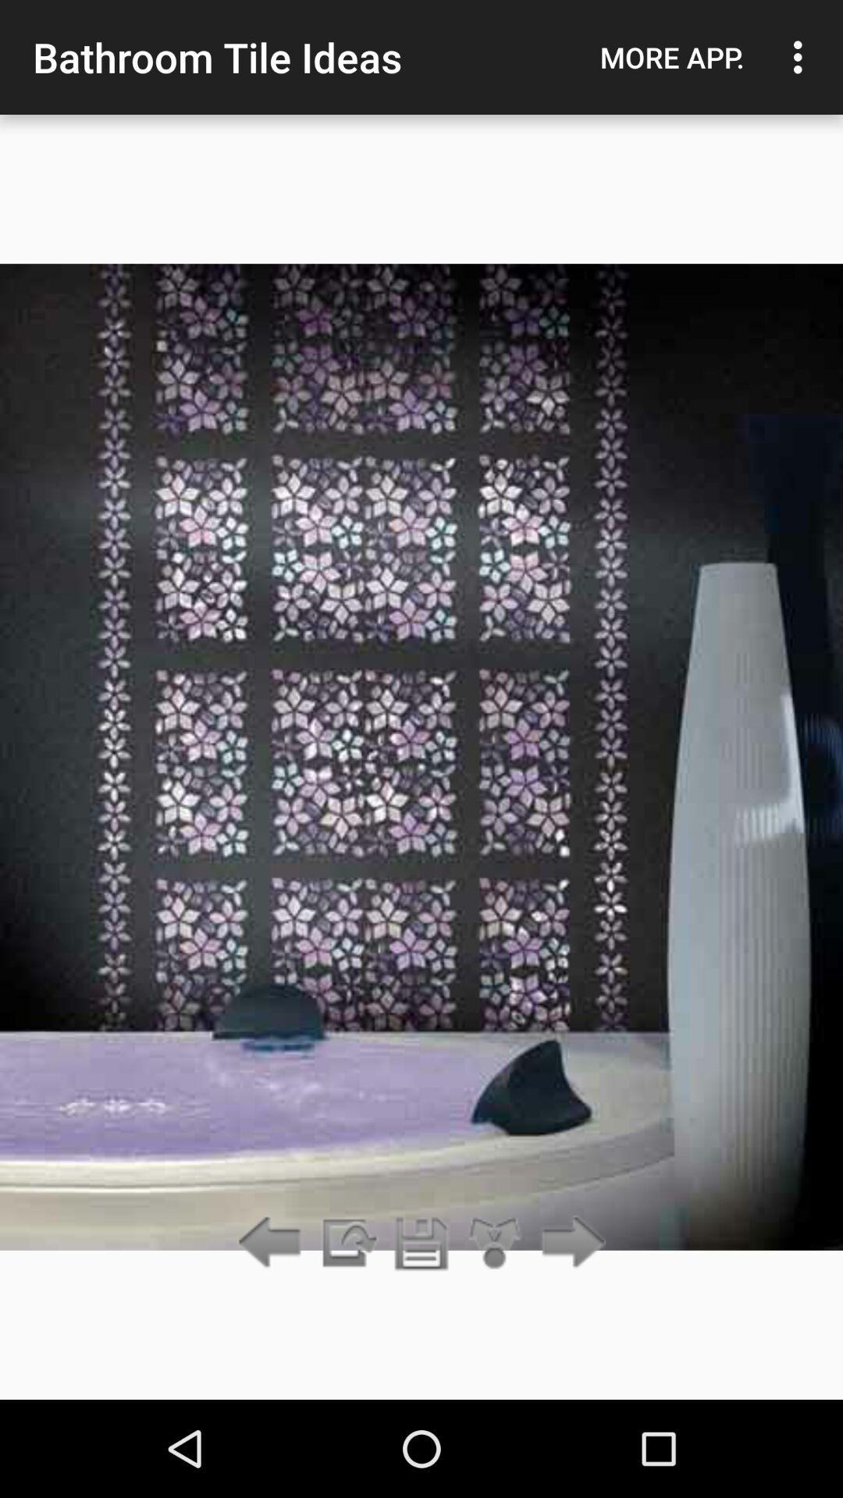 This screenshot has height=1498, width=843. I want to click on save, so click(421, 1243).